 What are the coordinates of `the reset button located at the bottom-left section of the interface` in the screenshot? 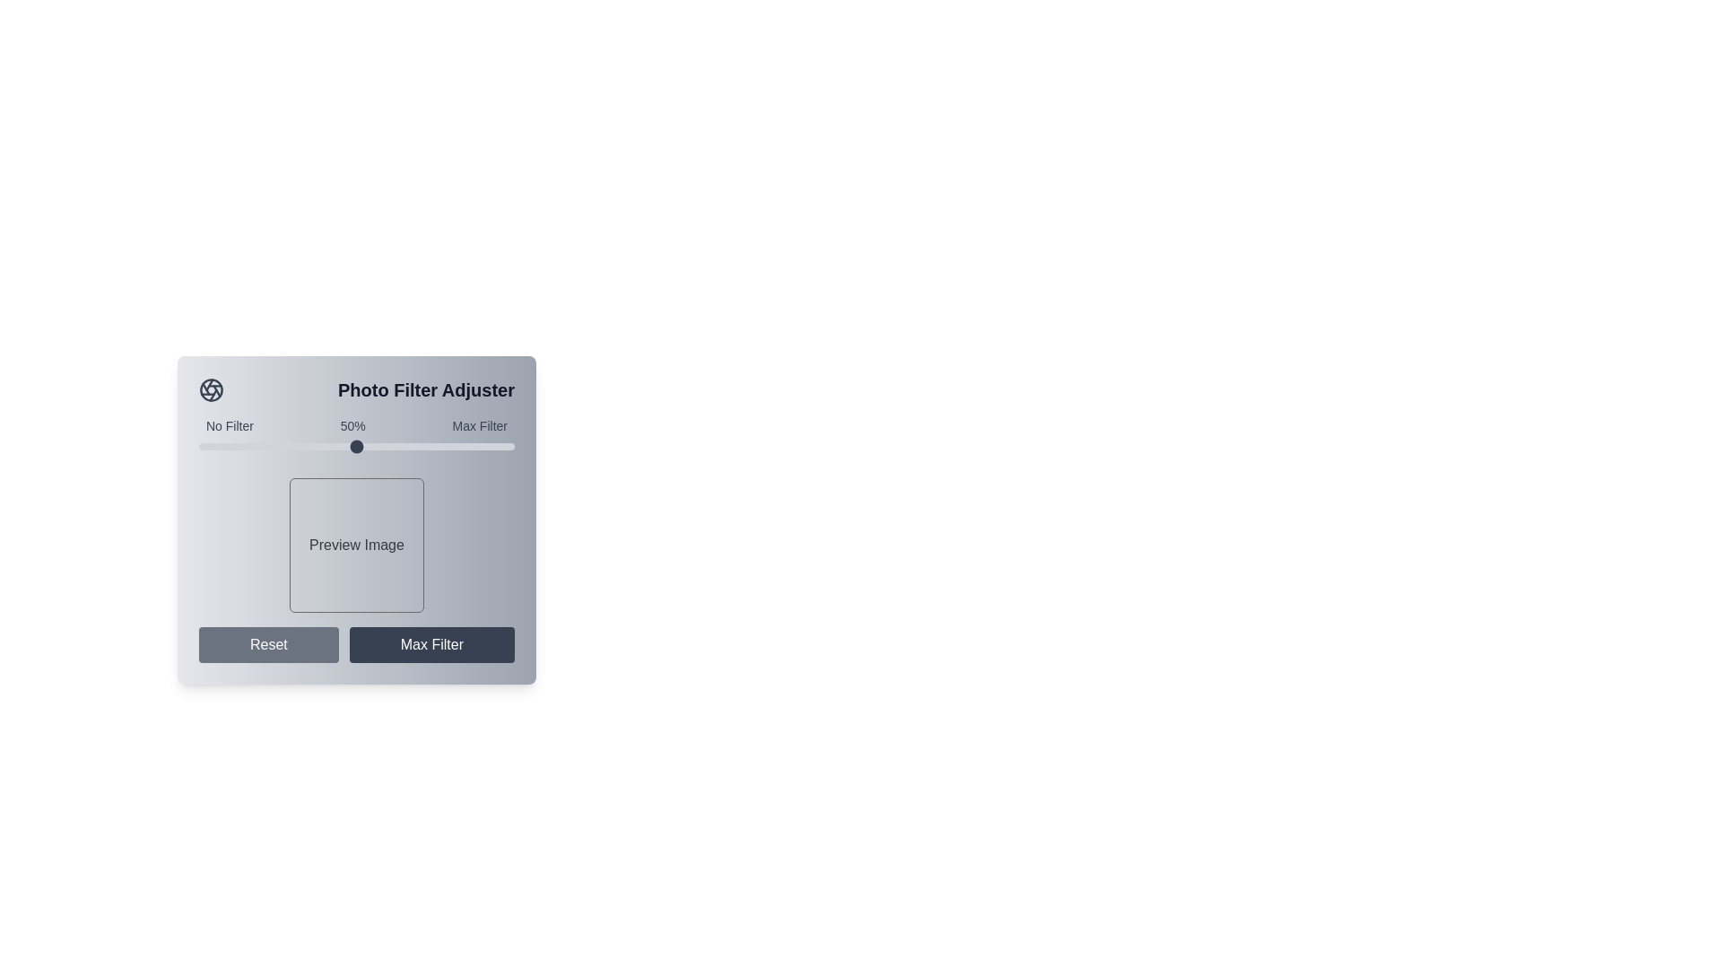 It's located at (267, 643).